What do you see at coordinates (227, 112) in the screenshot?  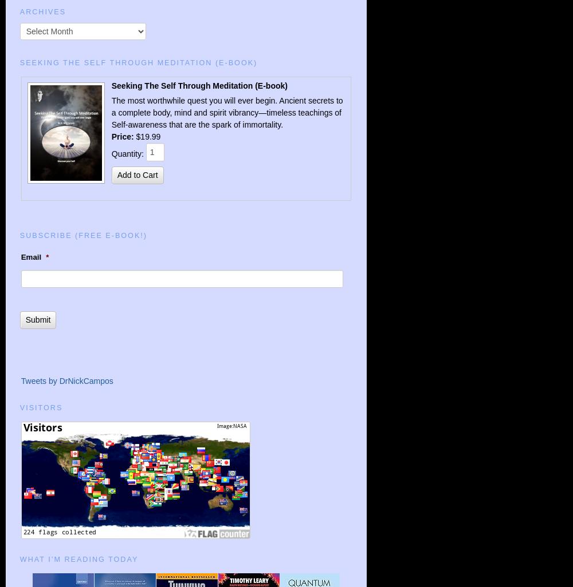 I see `'The most worthwhile quest you will ever begin. Ancient secrets to a complete body, mind and spirit vibrancy—timeless teachings of Self-awareness that are the spark of immortality.'` at bounding box center [227, 112].